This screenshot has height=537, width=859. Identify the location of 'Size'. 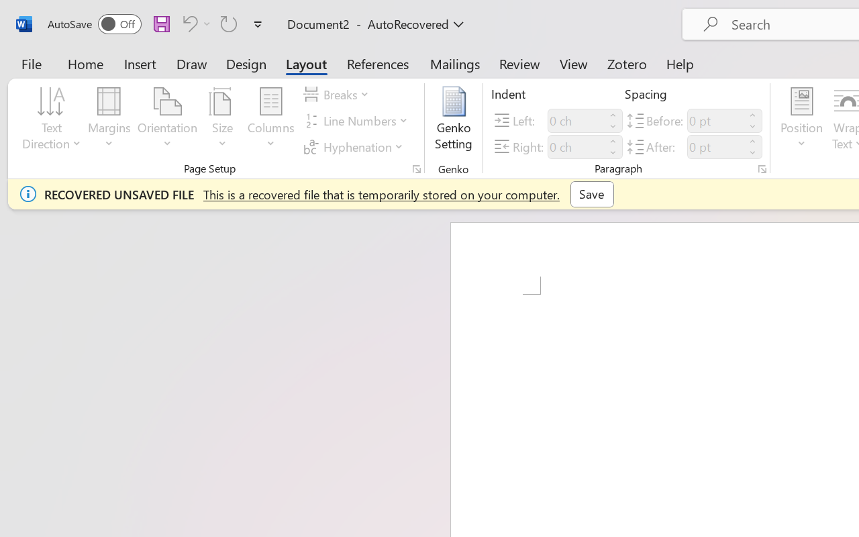
(223, 120).